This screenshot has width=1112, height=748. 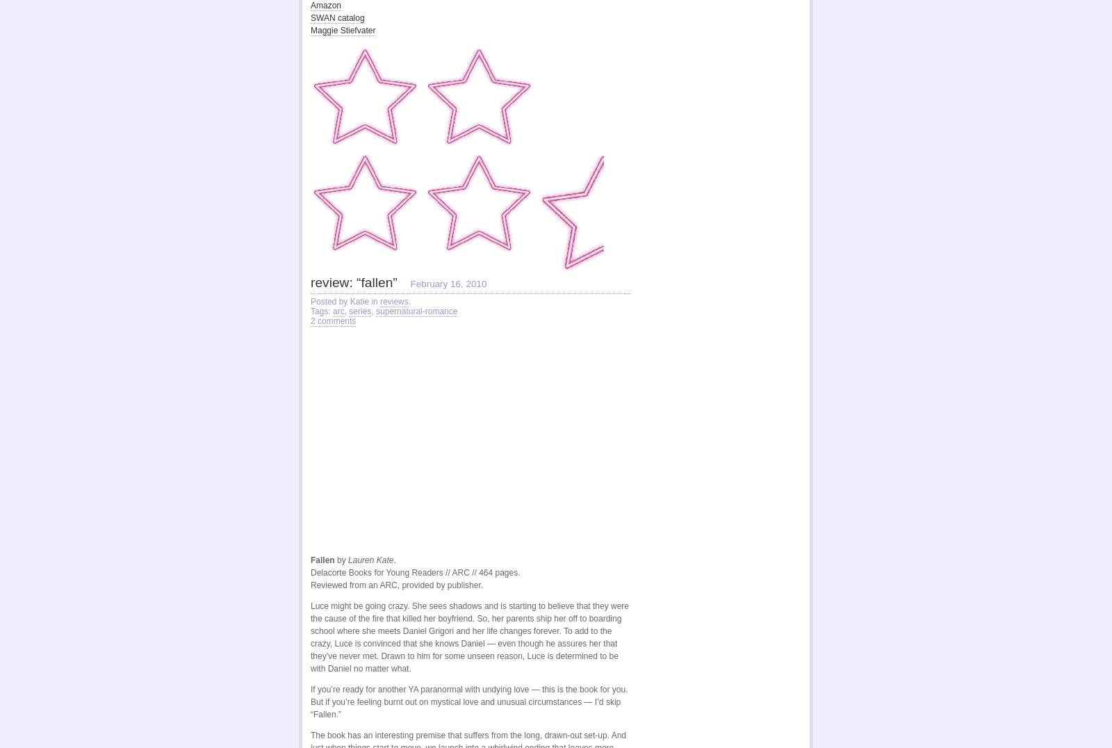 I want to click on 'review: “fallen”', so click(x=352, y=279).